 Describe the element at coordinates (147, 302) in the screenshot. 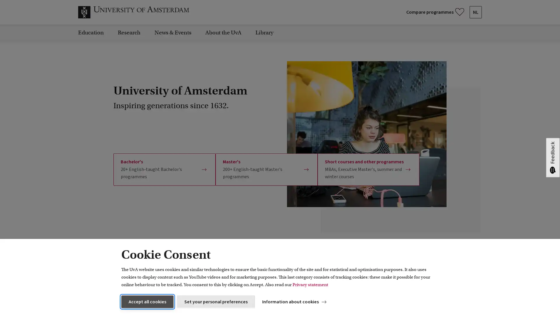

I see `Accept all cookies` at that location.